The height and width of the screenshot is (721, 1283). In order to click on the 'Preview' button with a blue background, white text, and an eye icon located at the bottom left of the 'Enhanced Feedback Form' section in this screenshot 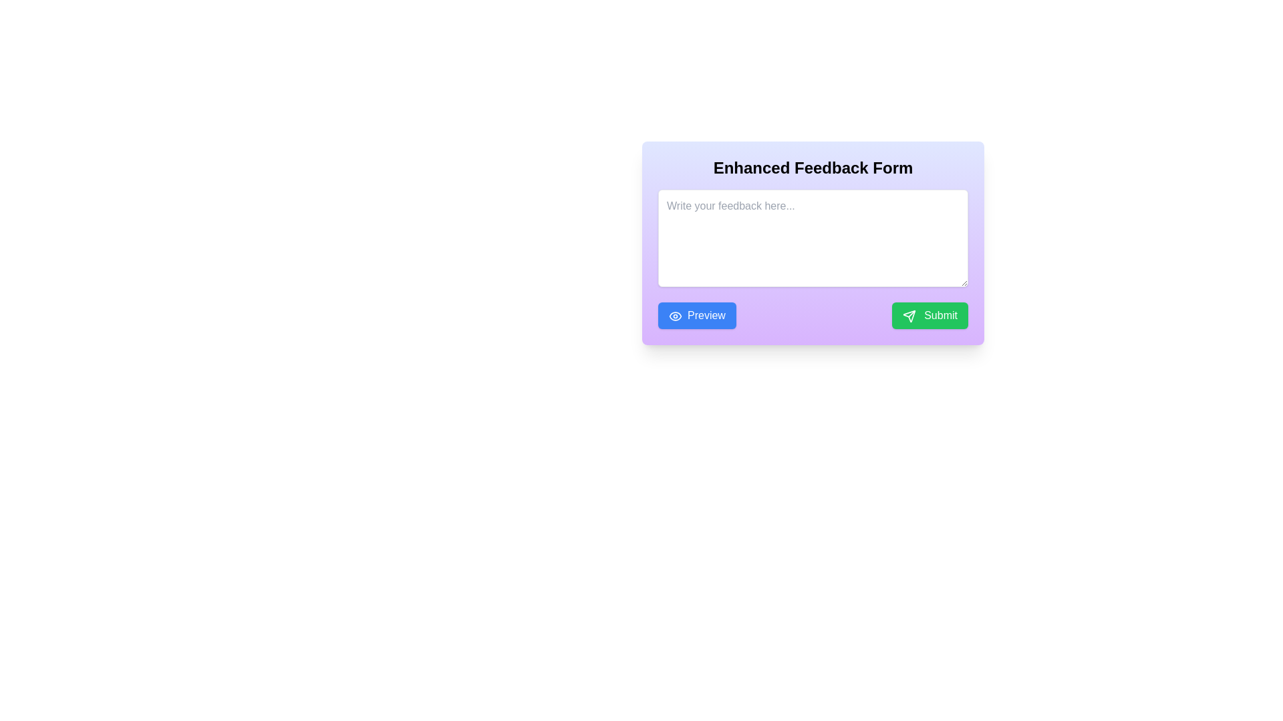, I will do `click(696, 316)`.